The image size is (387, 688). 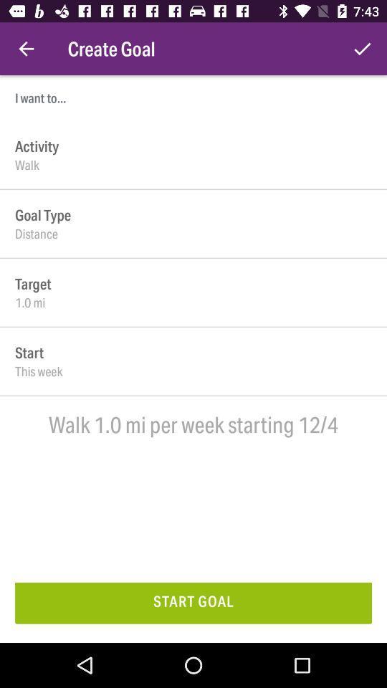 I want to click on the icon next to create goal, so click(x=361, y=49).